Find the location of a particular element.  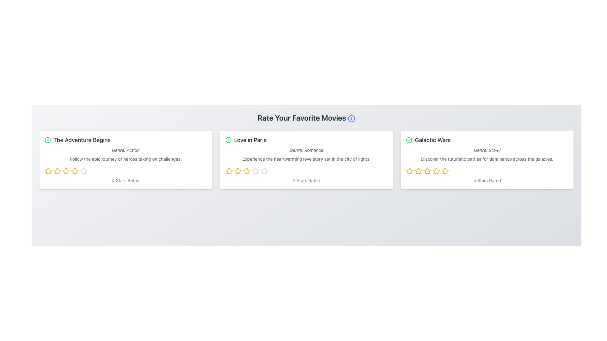

the circular icon with a blue outline and a smaller blue circle in the center, located towards the right side of the title 'Rate Your Favorite Movies' is located at coordinates (351, 118).